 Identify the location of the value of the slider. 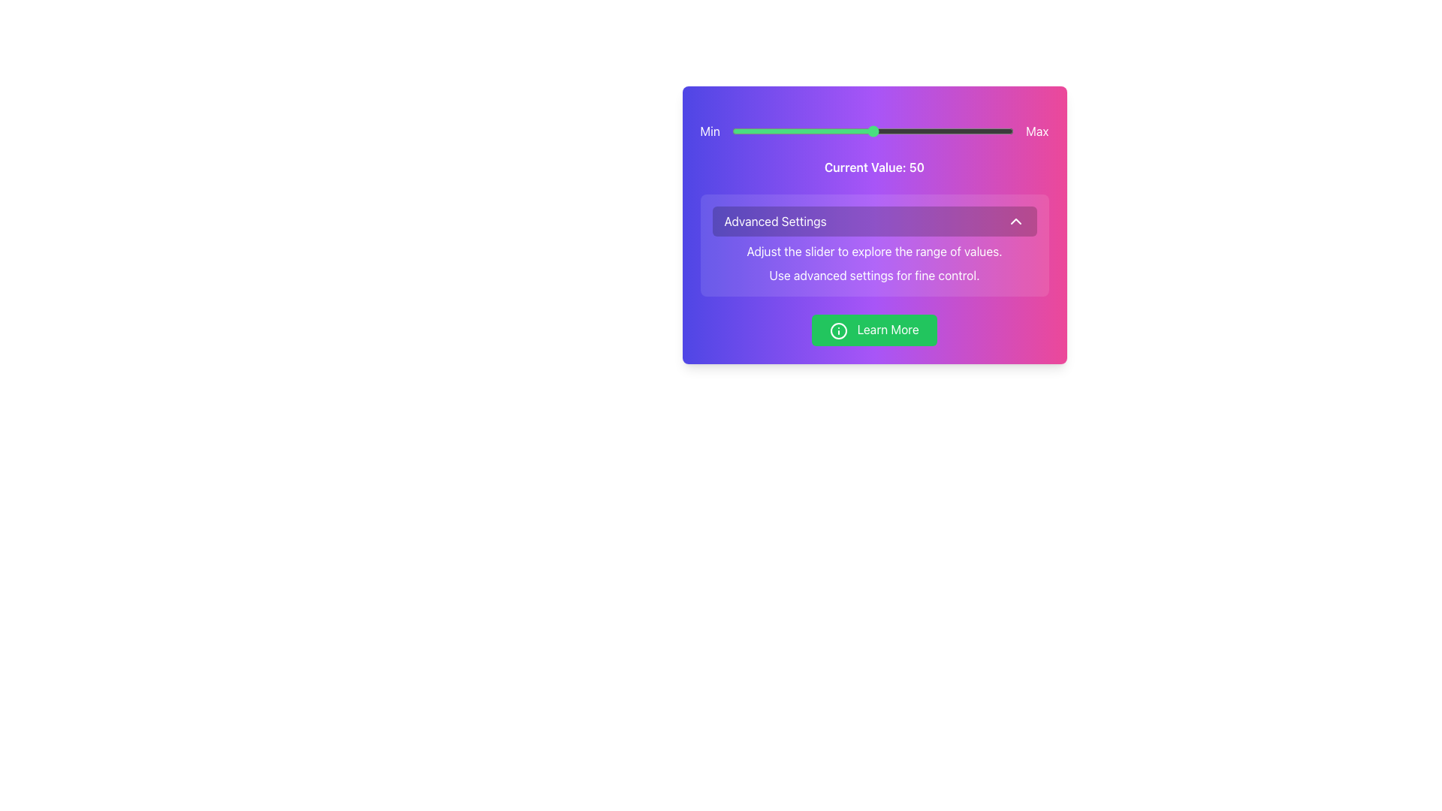
(895, 130).